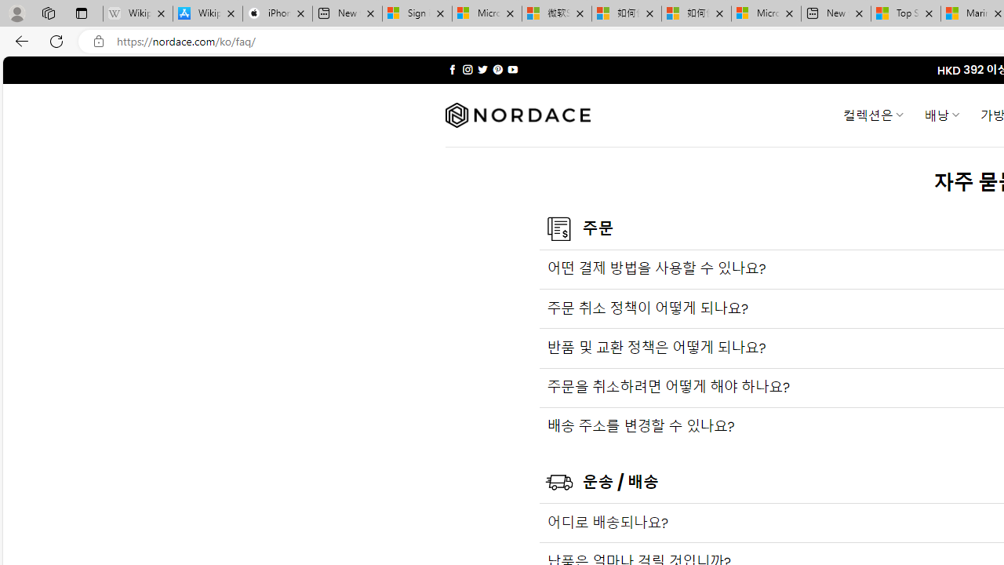 This screenshot has width=1004, height=565. Describe the element at coordinates (486, 13) in the screenshot. I see `'Microsoft Services Agreement'` at that location.